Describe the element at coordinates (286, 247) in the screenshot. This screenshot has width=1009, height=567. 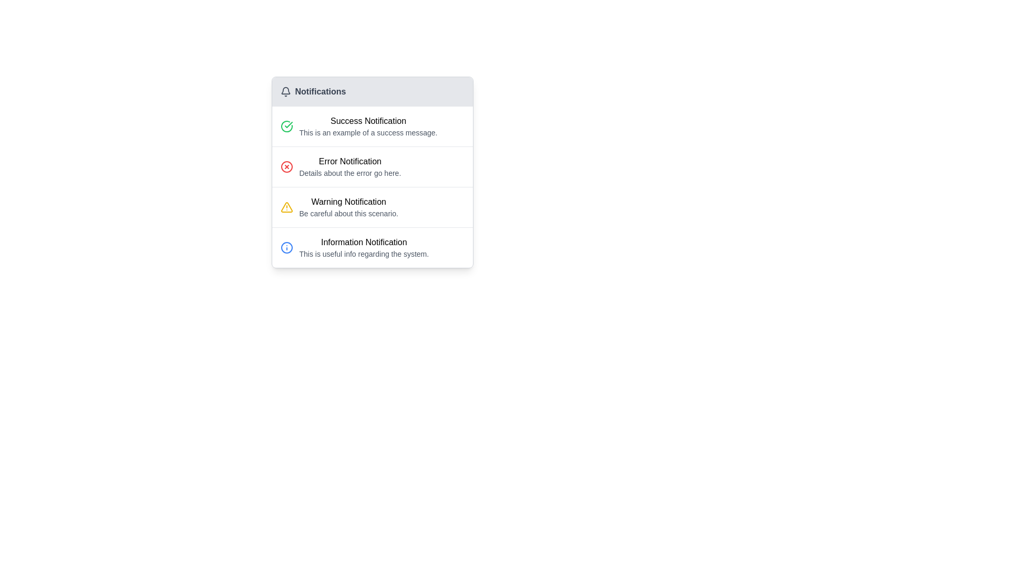
I see `the SVG Circle Element with a blue outline in the 'Information Notification' row of the notification list` at that location.